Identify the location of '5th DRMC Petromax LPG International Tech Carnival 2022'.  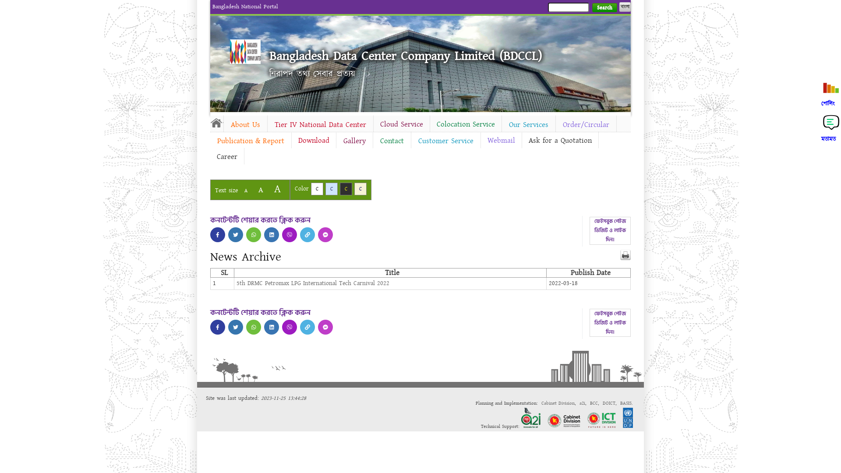
(313, 283).